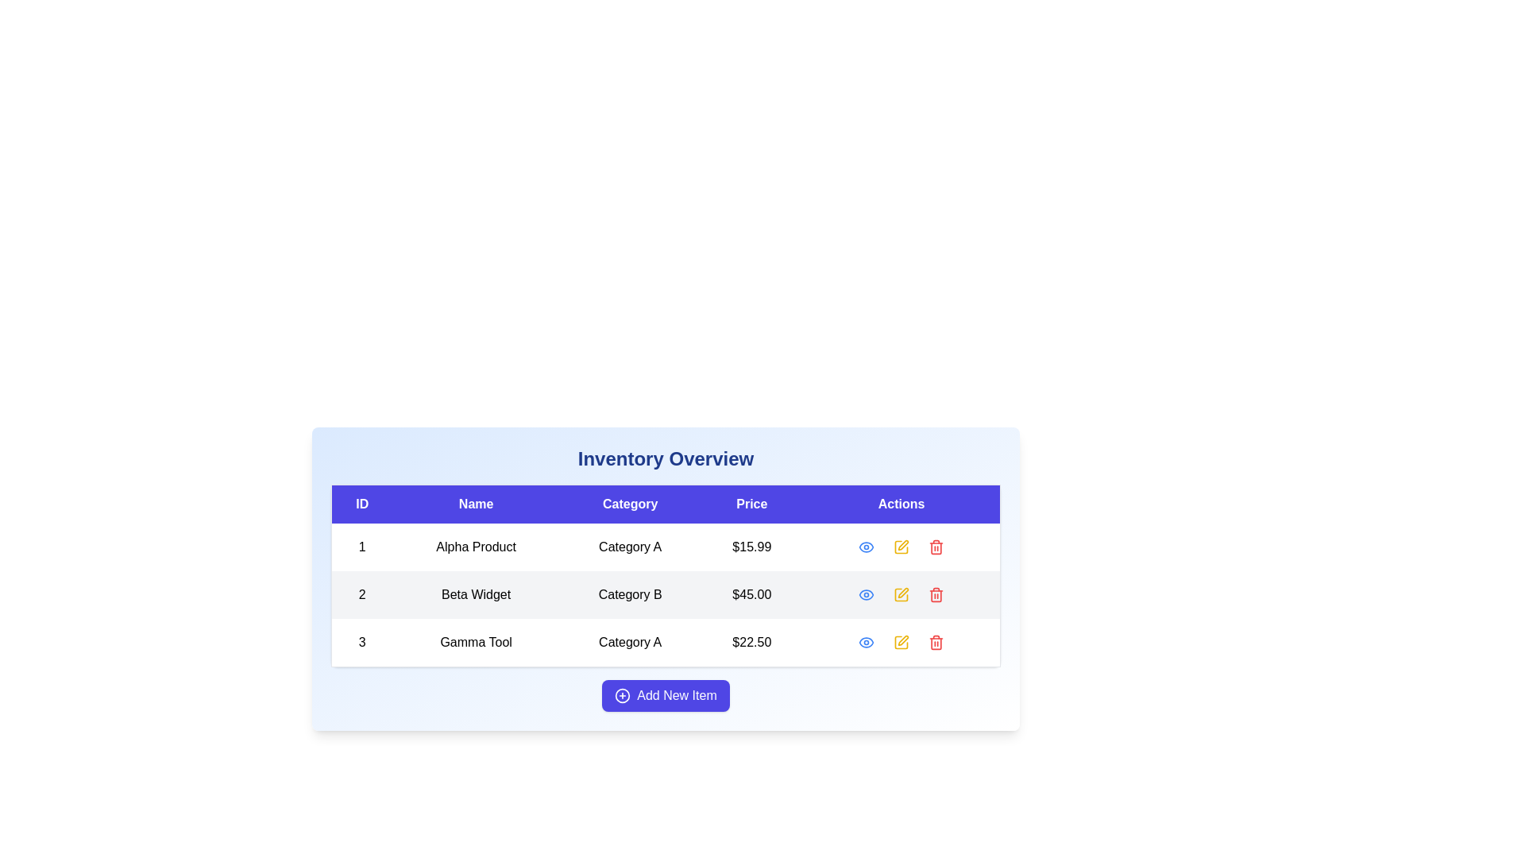  I want to click on text content of the 'Alpha Product' label located in the second column of the first row of the data table under the 'Name' column heading, so click(475, 547).